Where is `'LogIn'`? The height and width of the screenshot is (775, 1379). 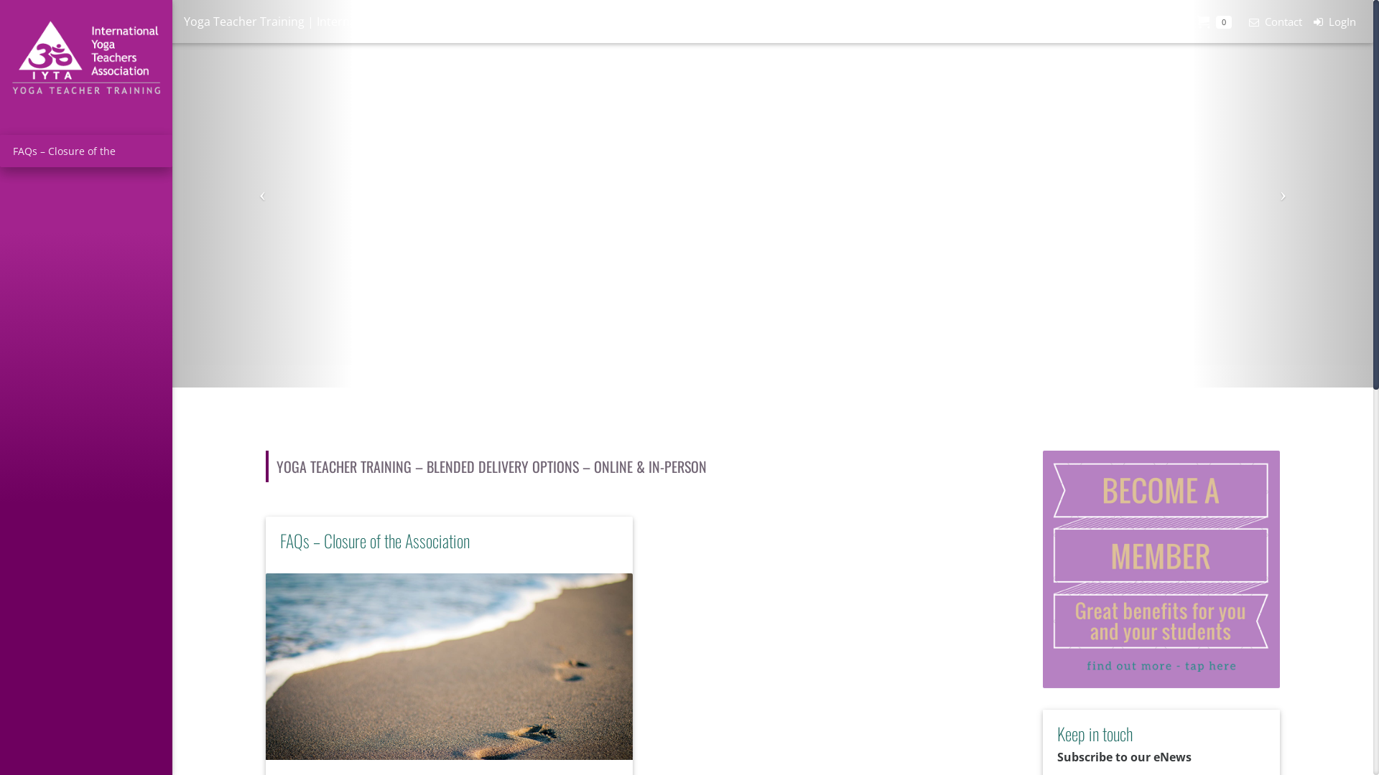 'LogIn' is located at coordinates (1334, 22).